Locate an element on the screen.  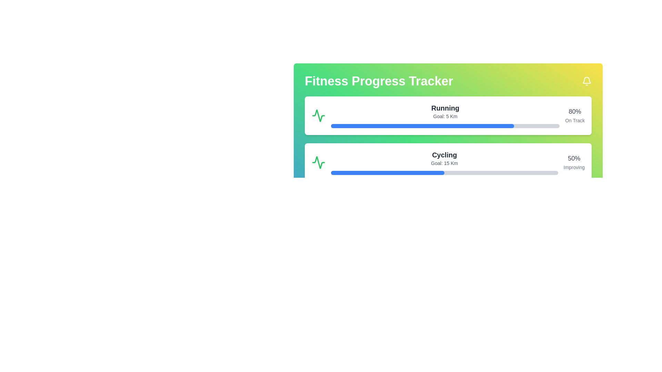
the 'Cycling' activity icon located within the 'Cycling' progress tracker card, positioned to the left of the card towards the top is located at coordinates (318, 162).